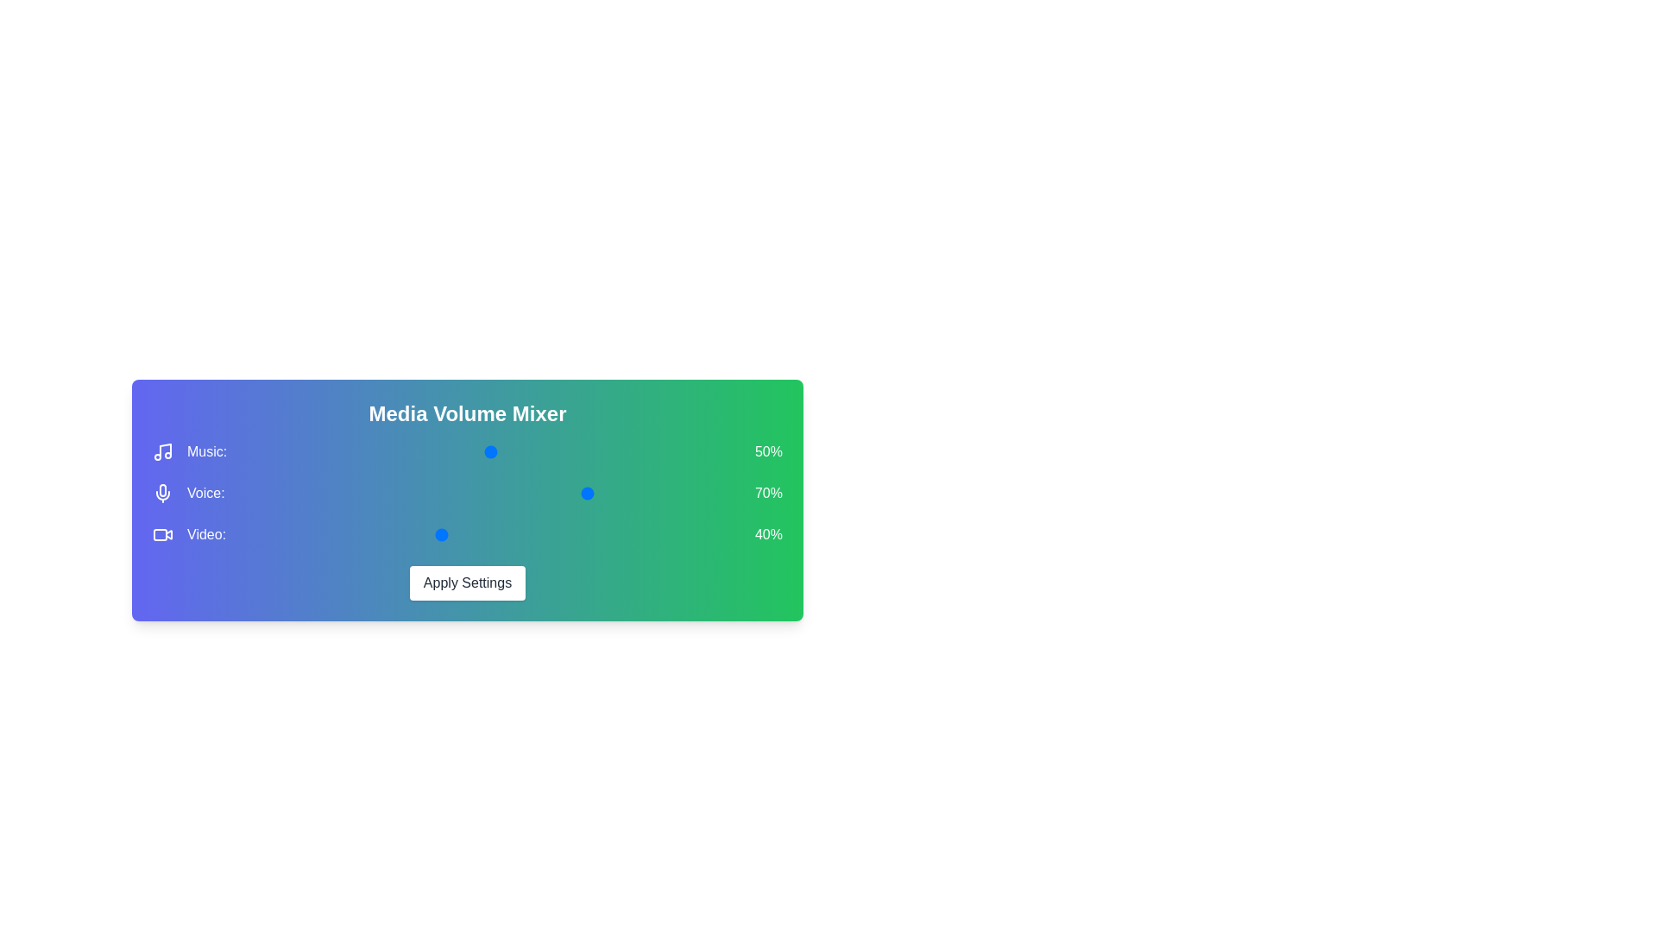  I want to click on the 0 volume to 13% by moving the corresponding slider, so click(522, 451).